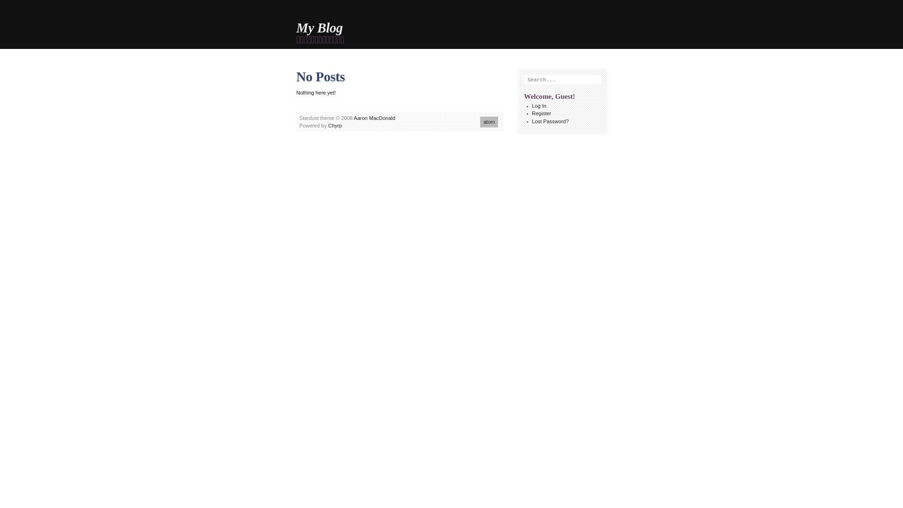 Image resolution: width=903 pixels, height=508 pixels. Describe the element at coordinates (539, 105) in the screenshot. I see `'Log In'` at that location.